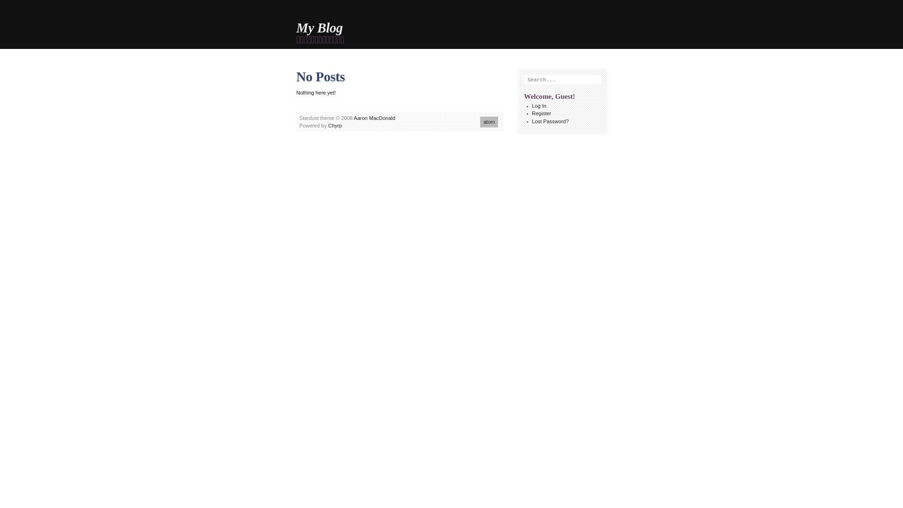 Image resolution: width=903 pixels, height=508 pixels. Describe the element at coordinates (539, 105) in the screenshot. I see `'Log In'` at that location.